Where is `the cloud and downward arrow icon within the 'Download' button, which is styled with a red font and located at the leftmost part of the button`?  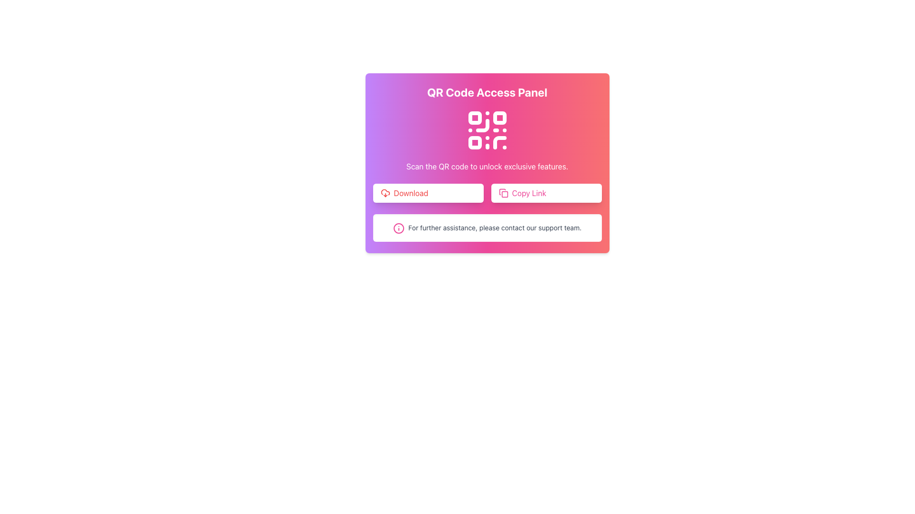 the cloud and downward arrow icon within the 'Download' button, which is styled with a red font and located at the leftmost part of the button is located at coordinates (385, 193).